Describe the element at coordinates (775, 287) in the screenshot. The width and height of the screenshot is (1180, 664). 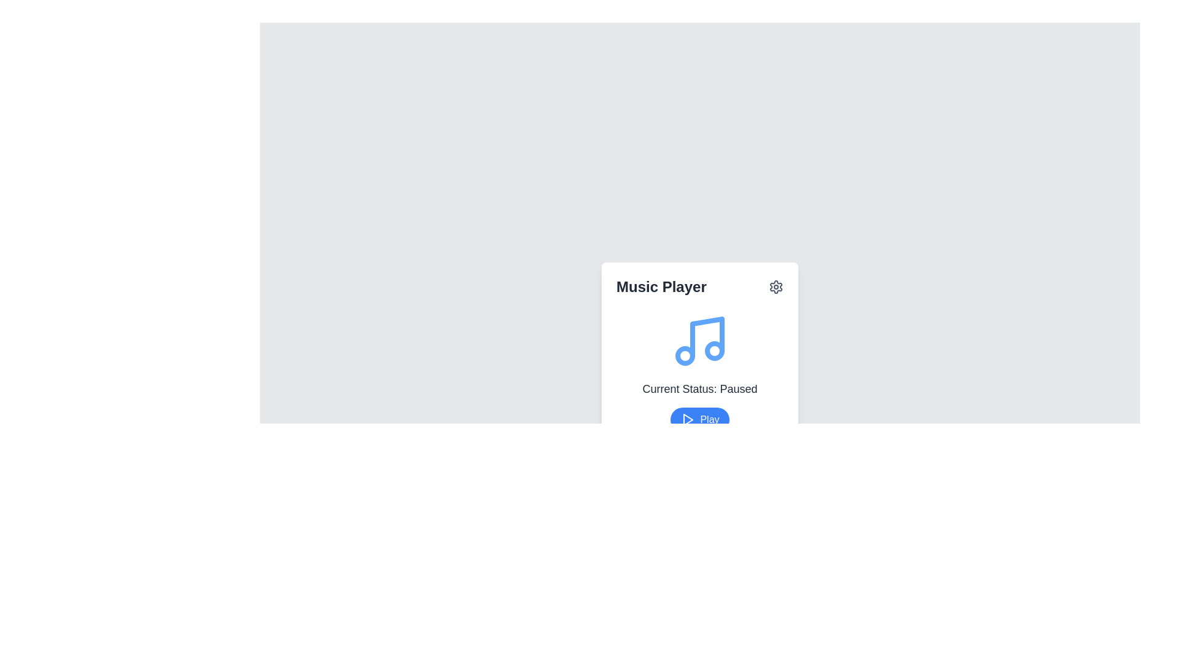
I see `the settings icon located in the header of the 'Music Player' section` at that location.